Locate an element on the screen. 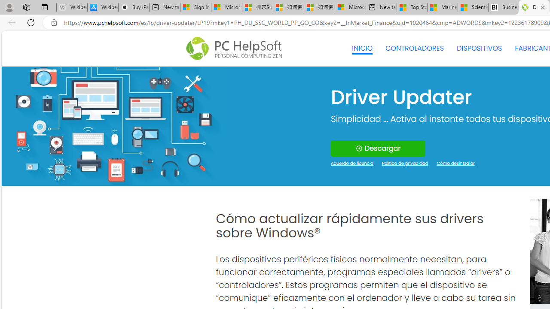 The image size is (550, 309). 'Sign in to your Microsoft account' is located at coordinates (195, 7).